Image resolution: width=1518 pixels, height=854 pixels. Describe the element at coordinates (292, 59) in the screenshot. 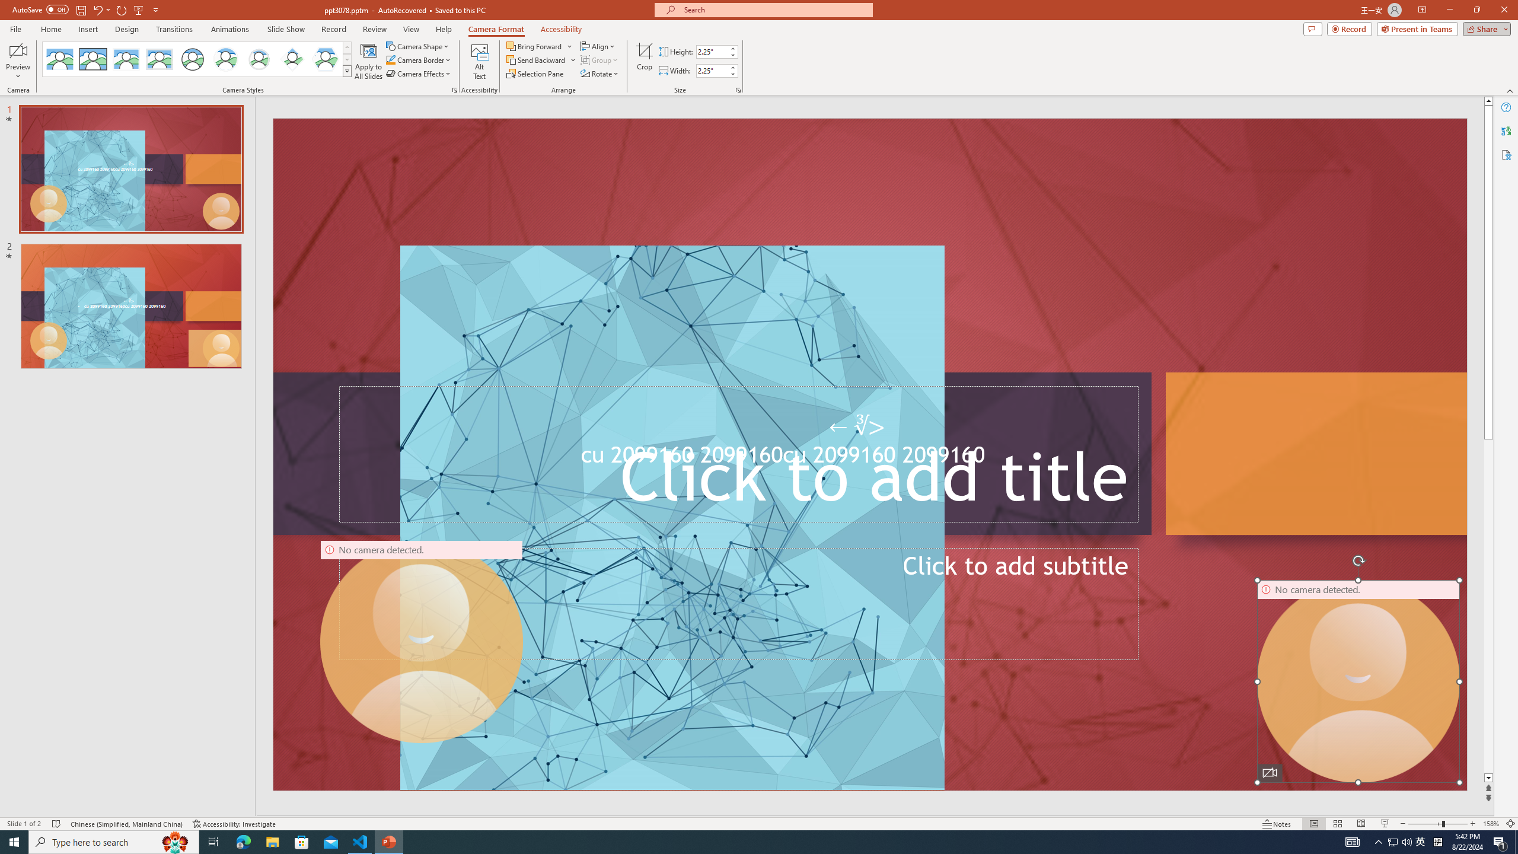

I see `'Center Shadow Diamond'` at that location.